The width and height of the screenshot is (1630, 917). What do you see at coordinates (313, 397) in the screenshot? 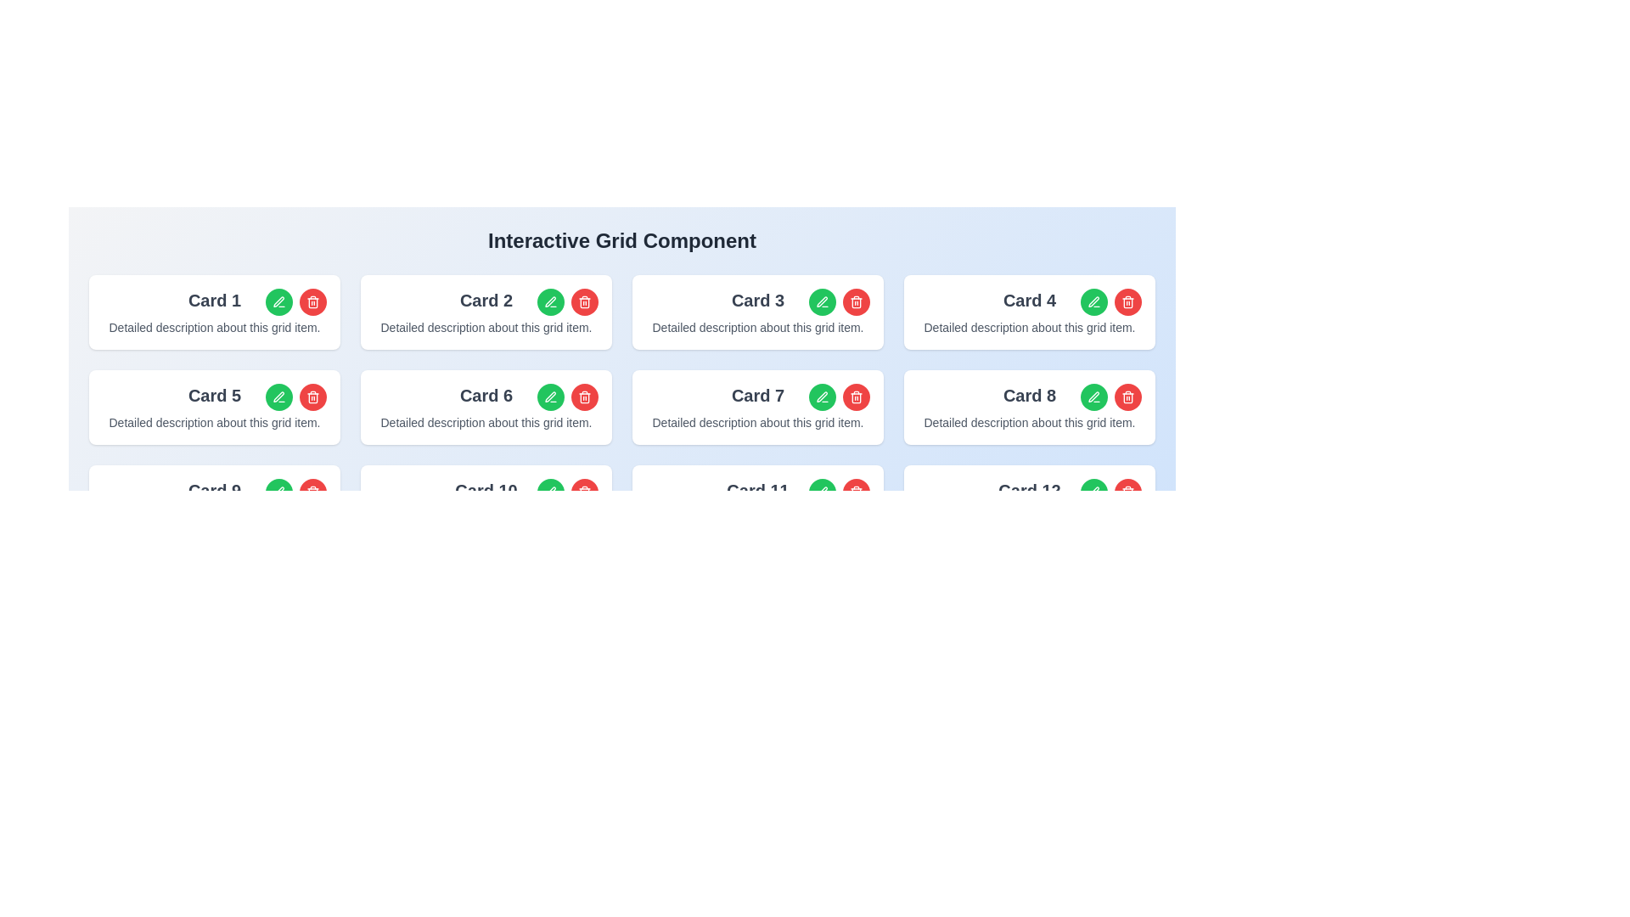
I see `the delete icon button located at the top-right corner of 'Card 5'` at bounding box center [313, 397].